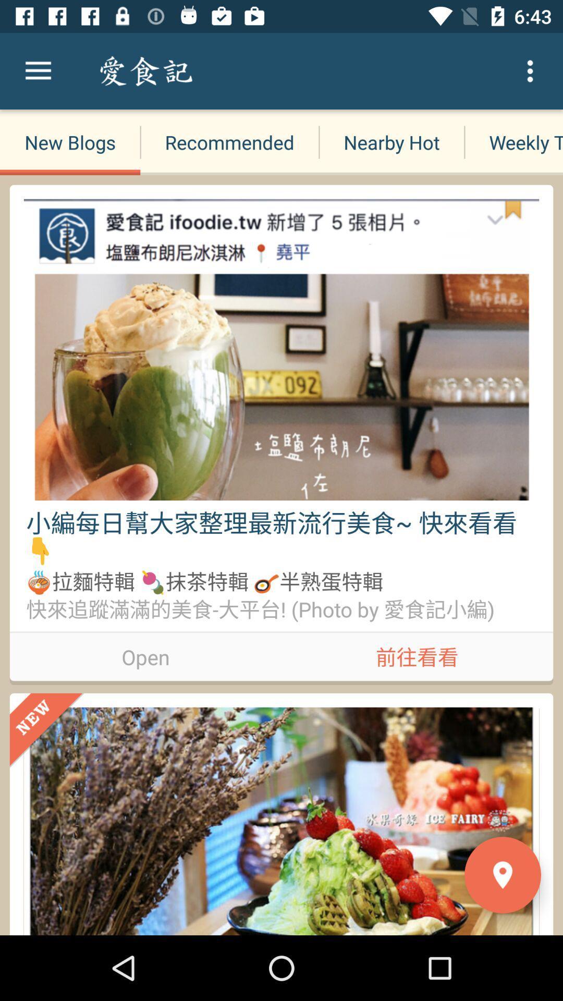 The image size is (563, 1001). What do you see at coordinates (218, 70) in the screenshot?
I see `the search blogs item` at bounding box center [218, 70].